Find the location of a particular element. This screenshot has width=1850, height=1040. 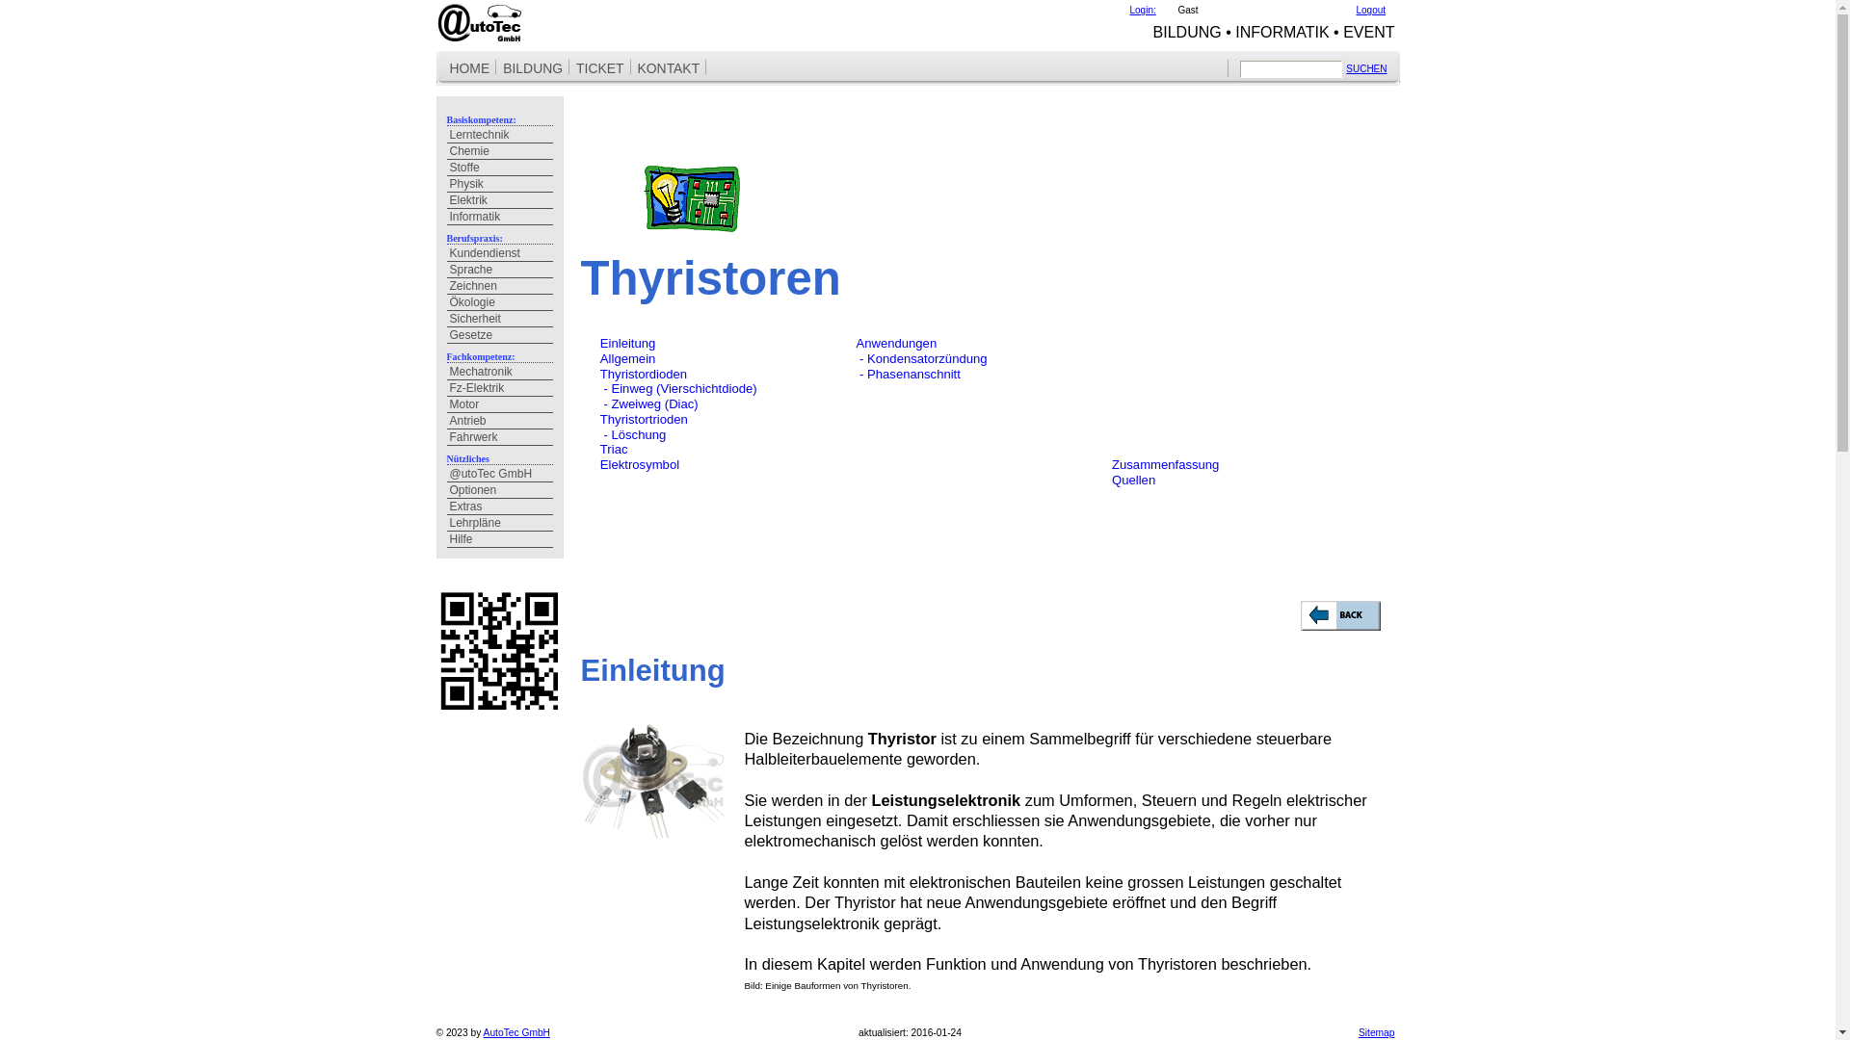

'Motor' is located at coordinates (499, 403).